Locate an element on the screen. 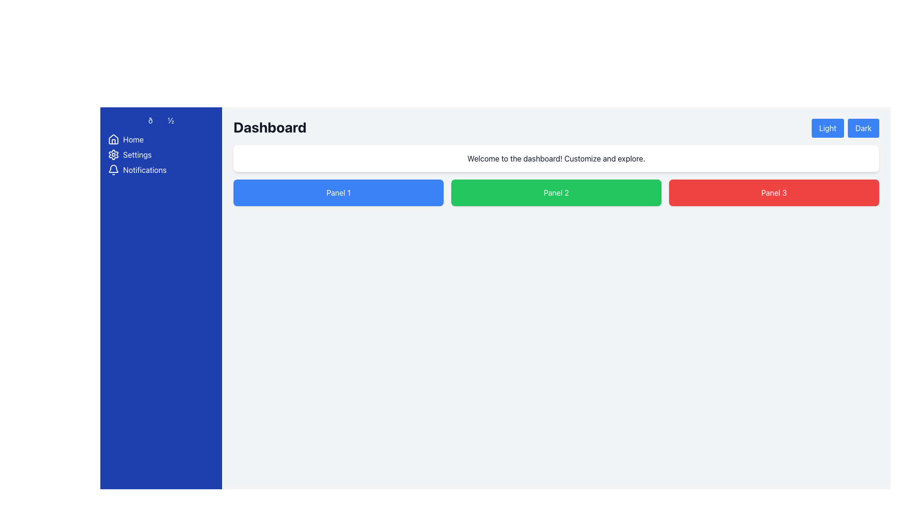  the 'Settings' text label in the vertical navigation menu is located at coordinates (136, 154).